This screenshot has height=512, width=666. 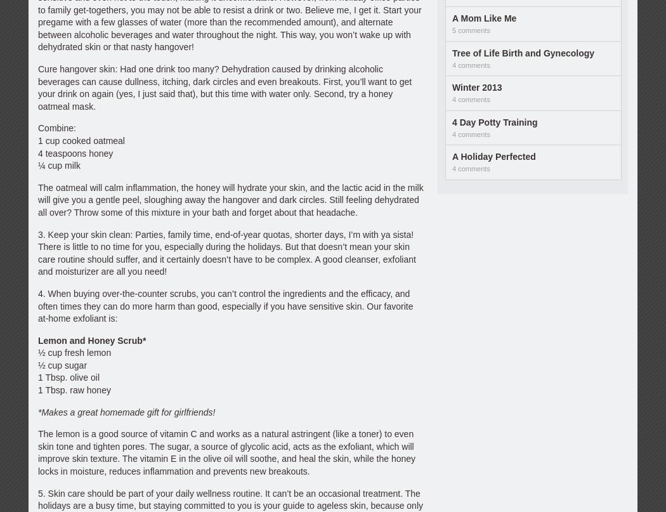 I want to click on '½ cup fresh lemon', so click(x=37, y=353).